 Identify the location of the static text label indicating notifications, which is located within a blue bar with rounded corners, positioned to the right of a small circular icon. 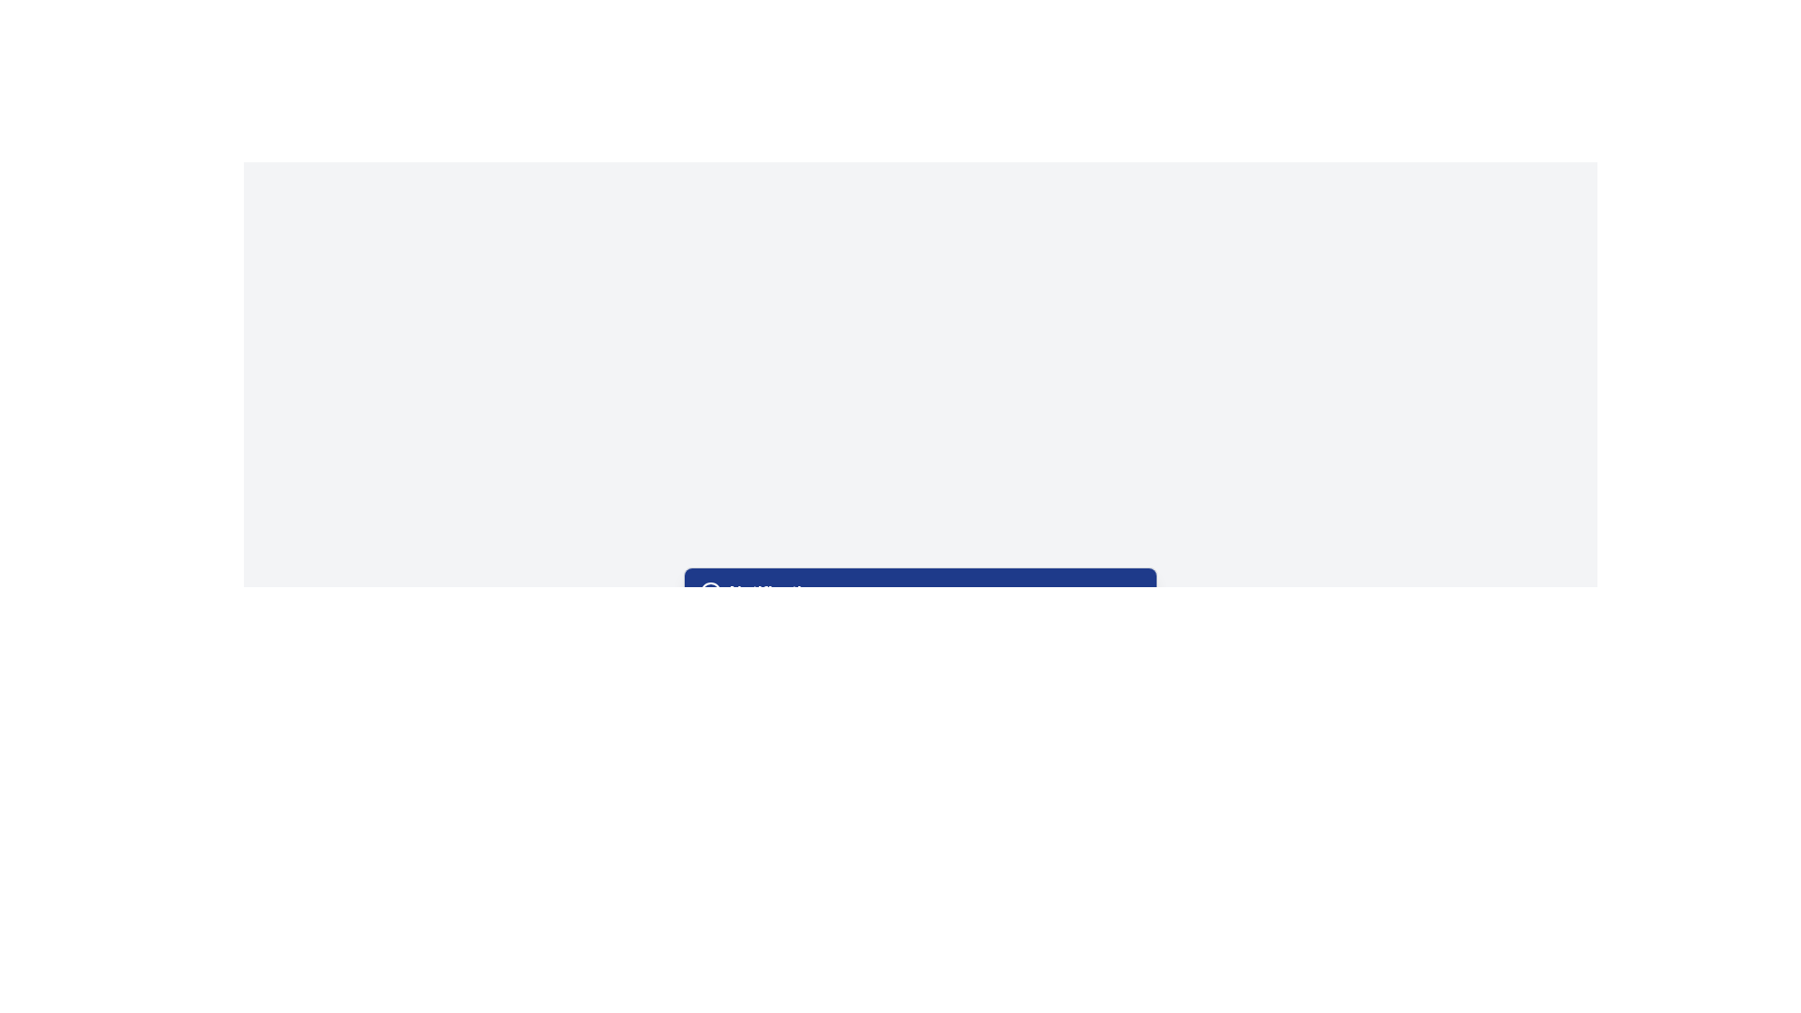
(776, 592).